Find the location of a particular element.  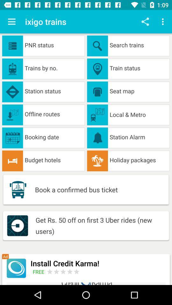

rate the app is located at coordinates (63, 271).